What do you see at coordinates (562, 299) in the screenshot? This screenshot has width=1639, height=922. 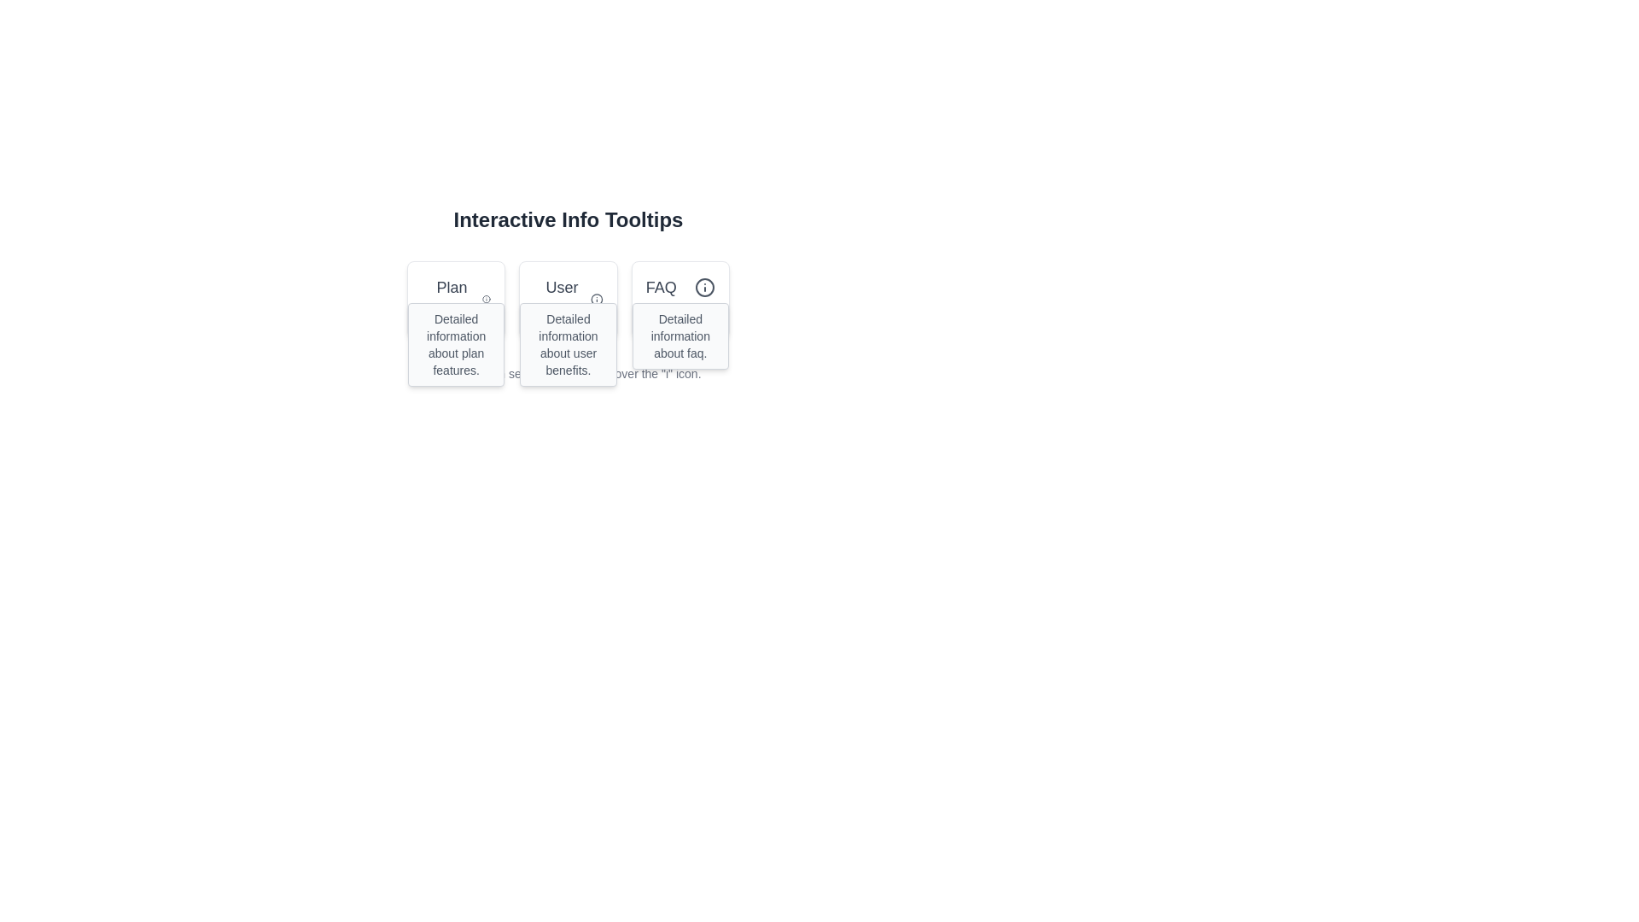 I see `the 'User Benefits' text label, which is centered at the top of the second card in a horizontal set of three cards, located above a descriptive text and to the left of an informational icon` at bounding box center [562, 299].